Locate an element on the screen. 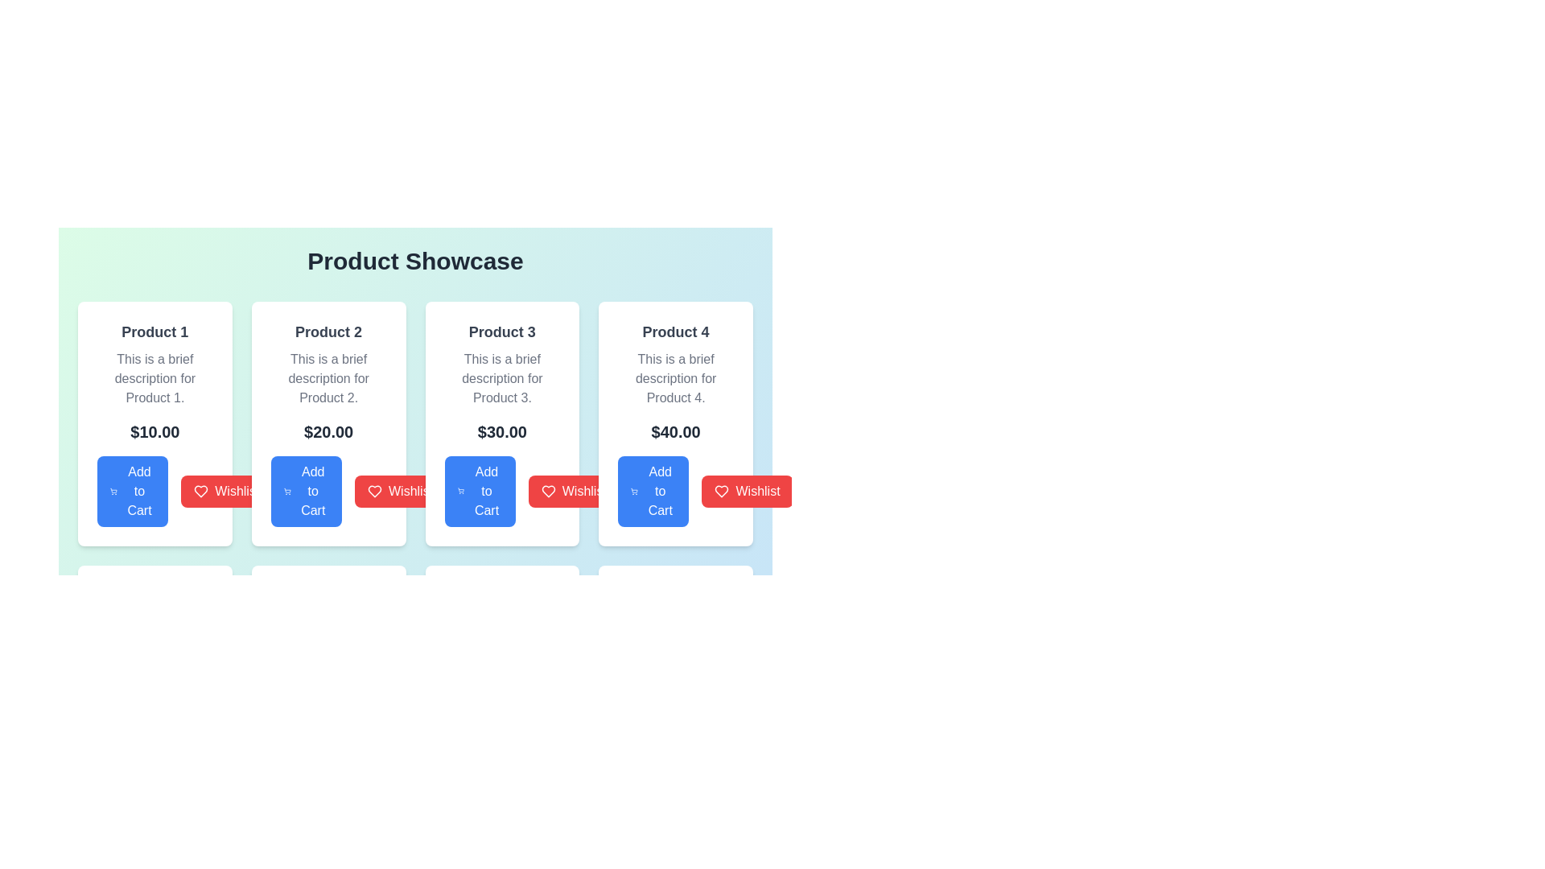 This screenshot has width=1545, height=869. the rightmost button in the 'Product 3' card is located at coordinates (574, 490).